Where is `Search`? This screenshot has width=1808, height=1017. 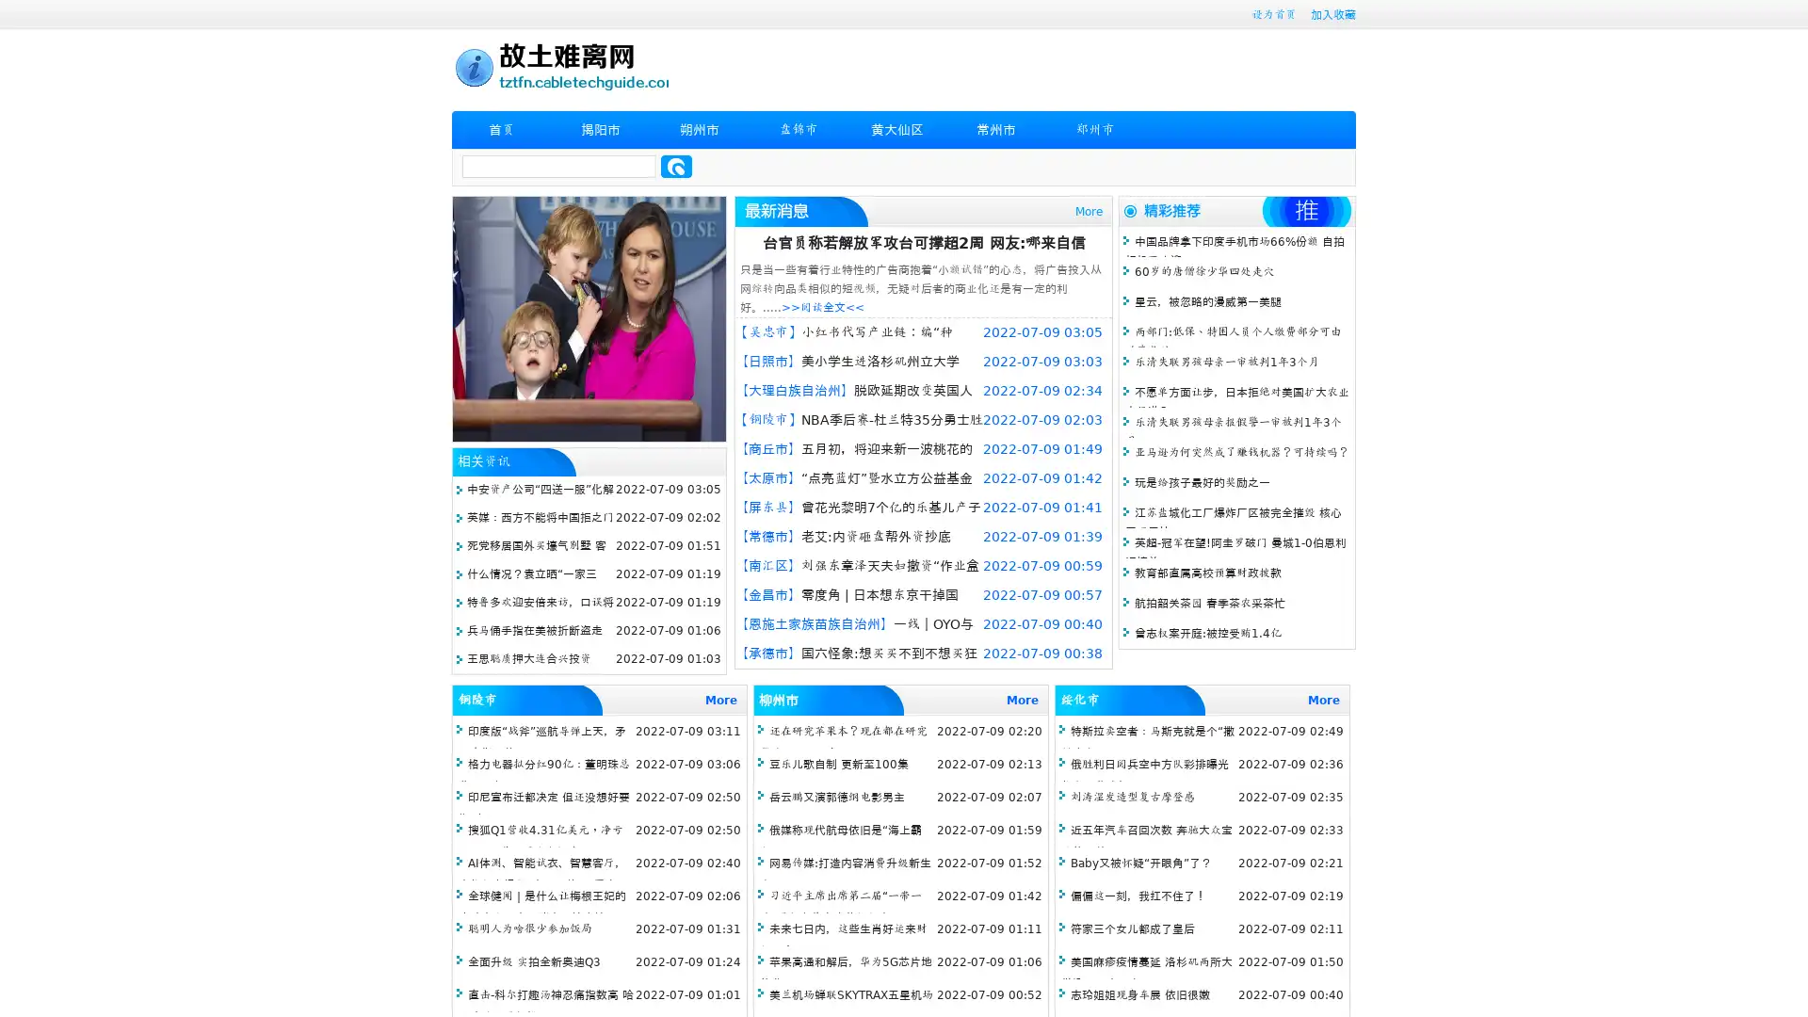
Search is located at coordinates (676, 166).